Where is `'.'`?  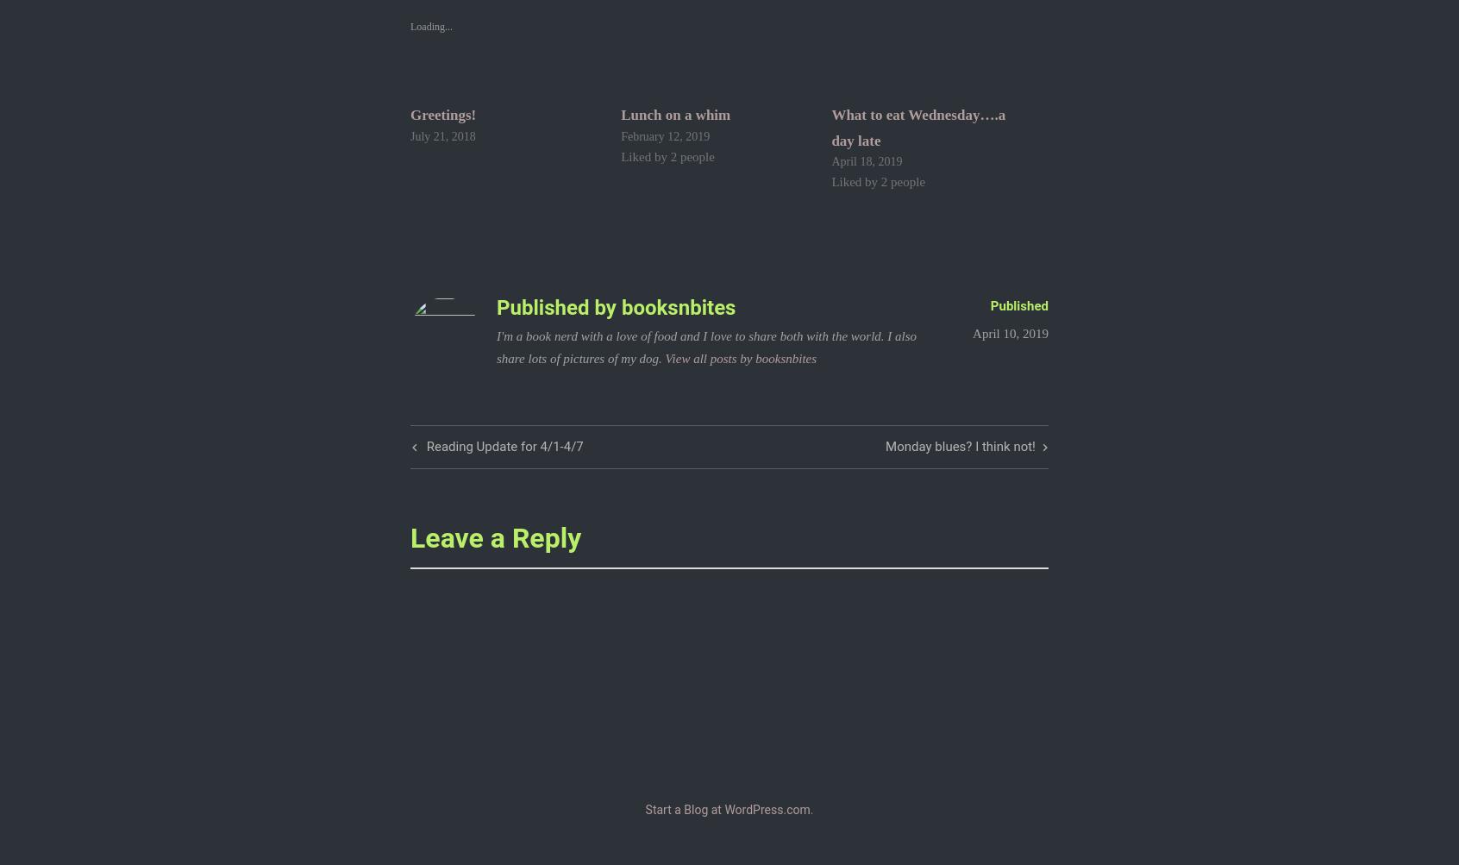
'.' is located at coordinates (811, 809).